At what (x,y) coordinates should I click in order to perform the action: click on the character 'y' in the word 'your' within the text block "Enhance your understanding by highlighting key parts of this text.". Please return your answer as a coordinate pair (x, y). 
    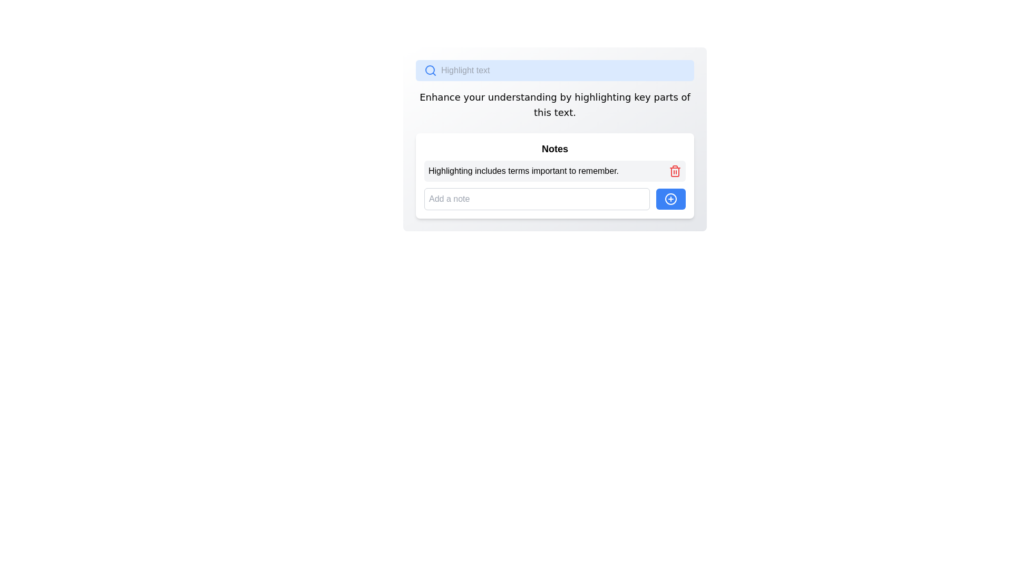
    Looking at the image, I should click on (465, 97).